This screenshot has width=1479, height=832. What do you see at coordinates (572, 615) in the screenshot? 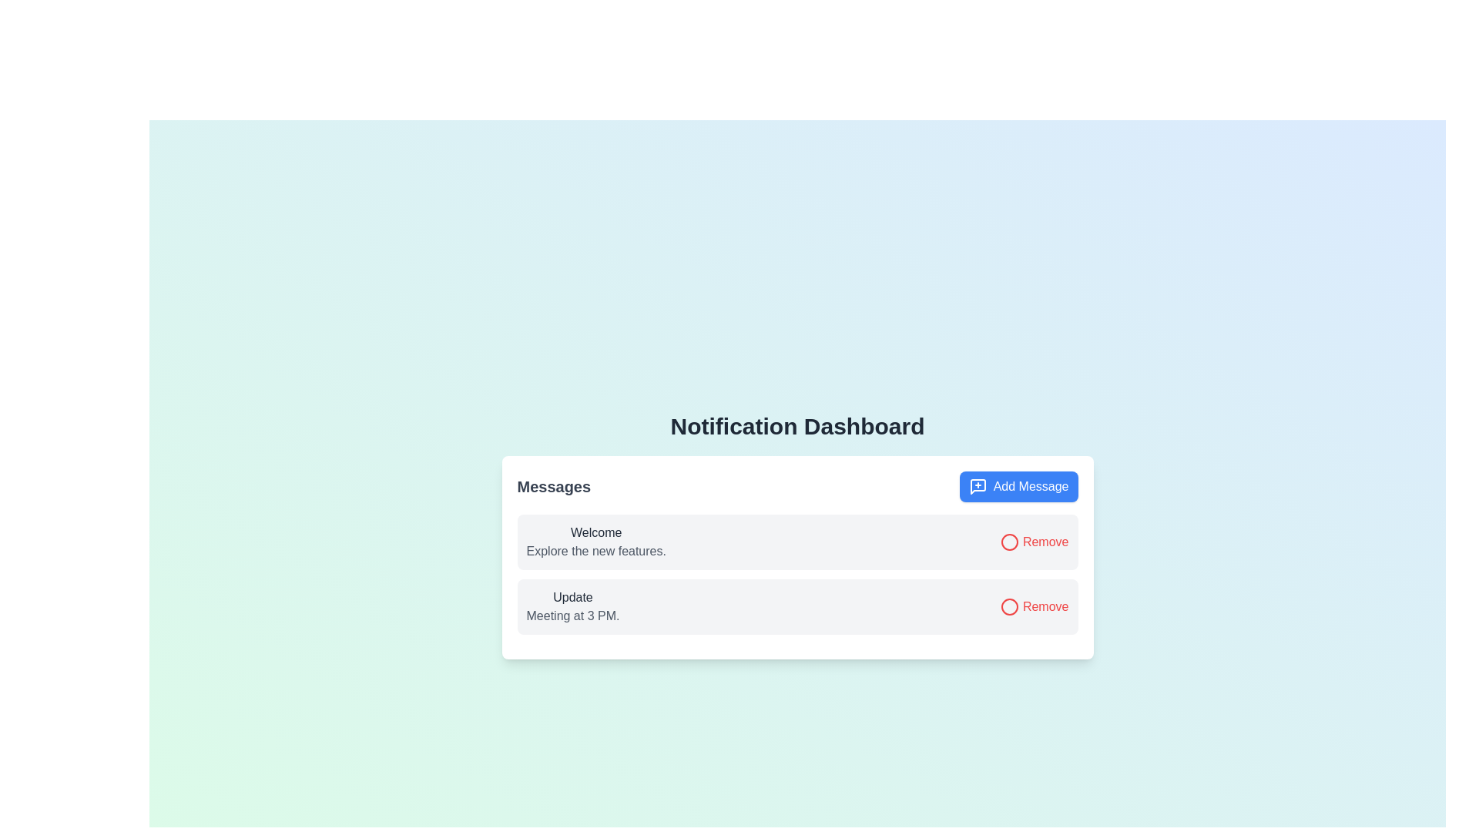
I see `the static text content displaying the message 'Meeting at 3 PM.' located in the second row of the message card under the 'Messages' header in the Notification Dashboard` at bounding box center [572, 615].